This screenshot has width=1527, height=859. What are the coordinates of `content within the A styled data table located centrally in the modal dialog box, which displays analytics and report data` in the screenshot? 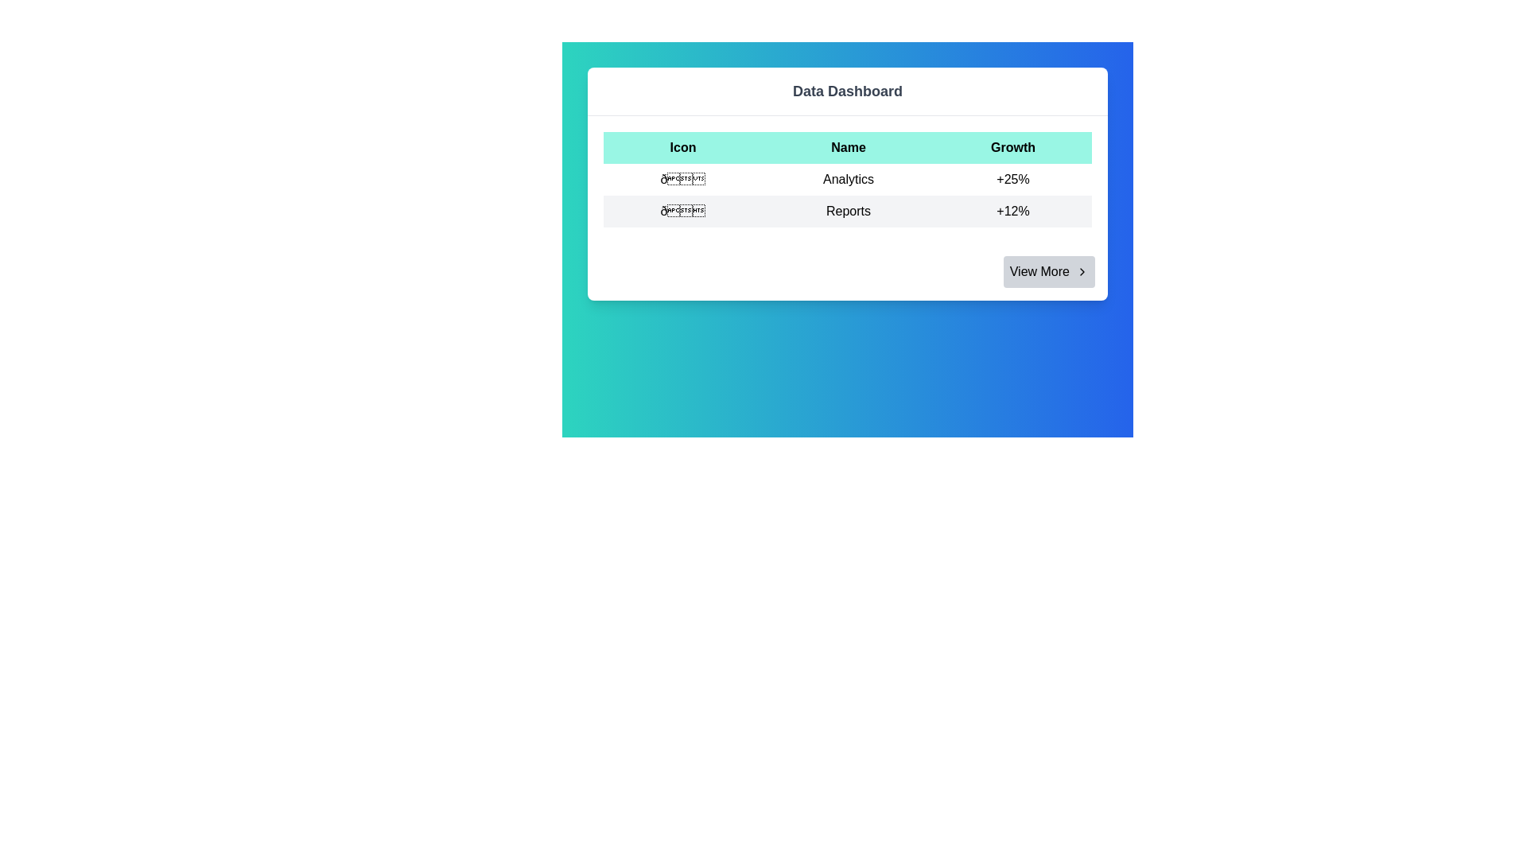 It's located at (846, 179).